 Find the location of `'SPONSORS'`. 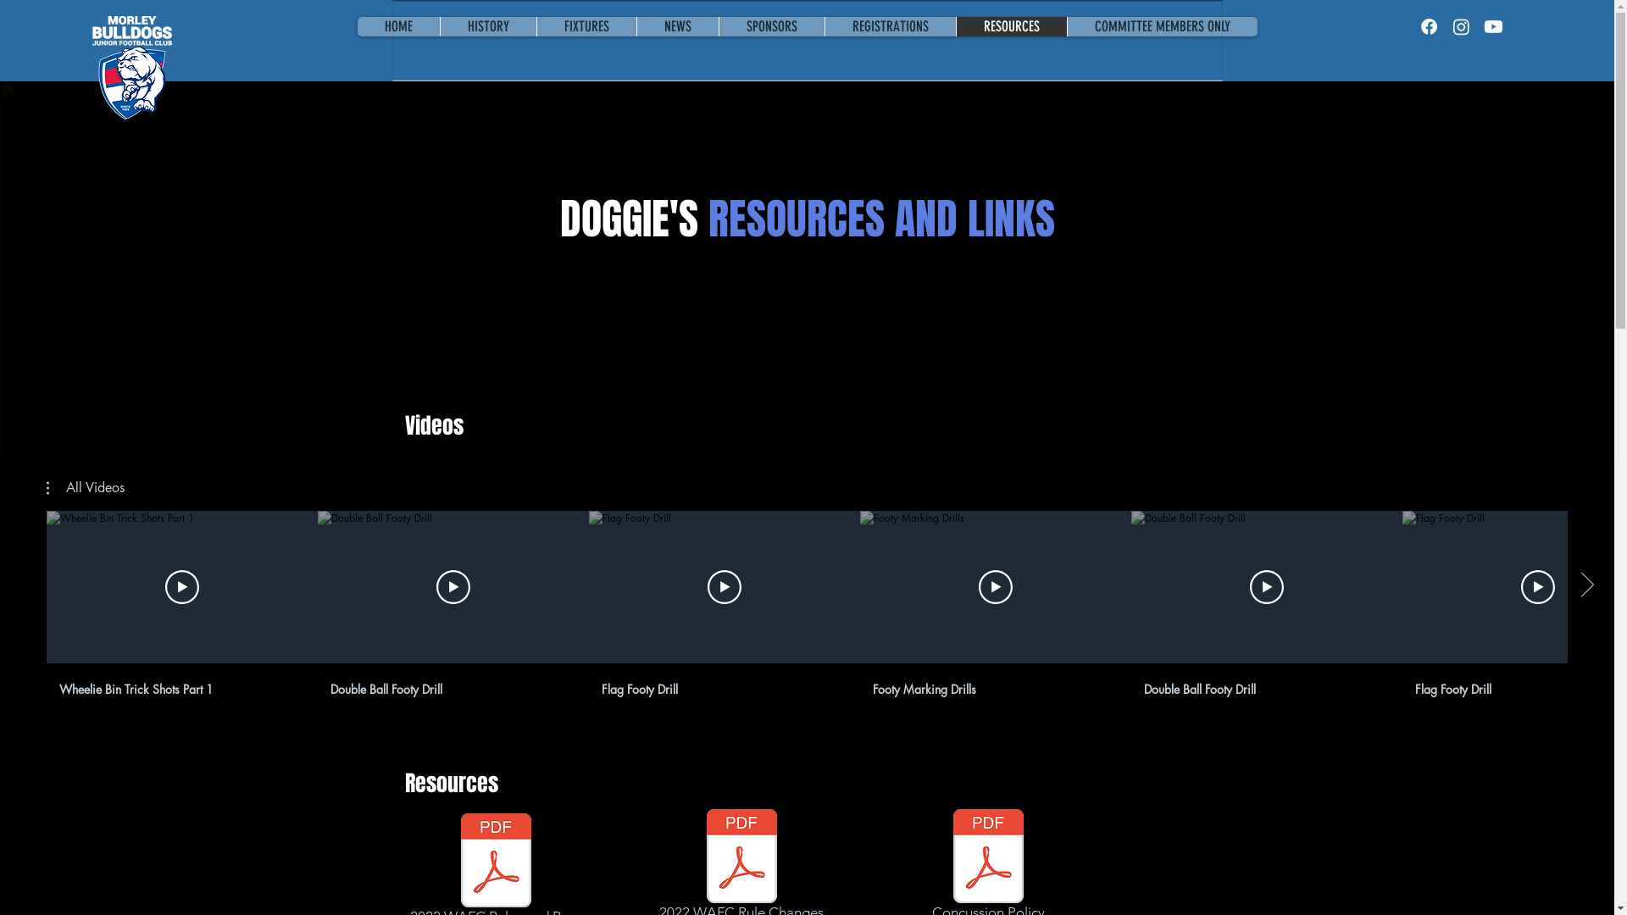

'SPONSORS' is located at coordinates (770, 26).